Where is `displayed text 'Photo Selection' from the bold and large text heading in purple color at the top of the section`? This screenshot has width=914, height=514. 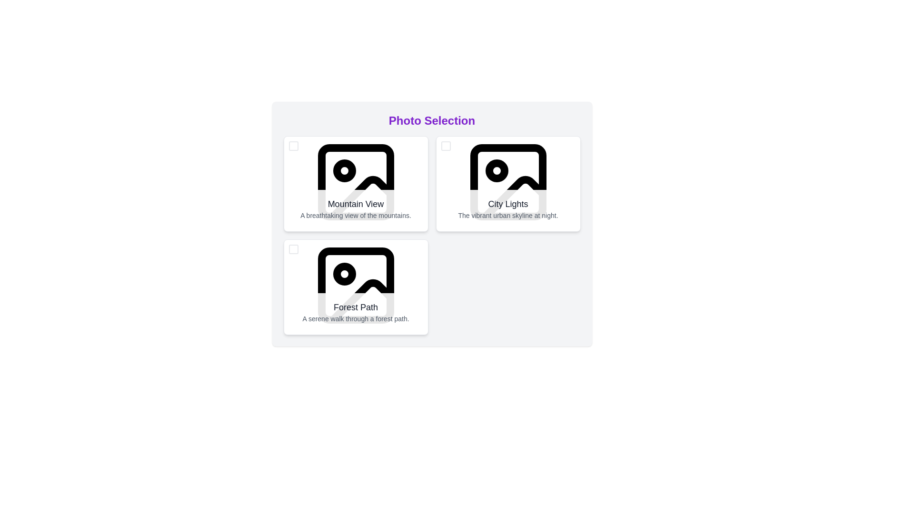
displayed text 'Photo Selection' from the bold and large text heading in purple color at the top of the section is located at coordinates (431, 120).